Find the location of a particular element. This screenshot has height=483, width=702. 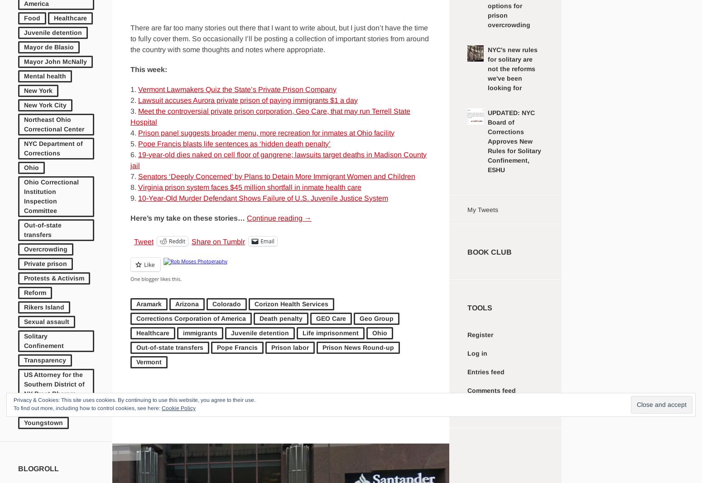

'3.' is located at coordinates (130, 110).